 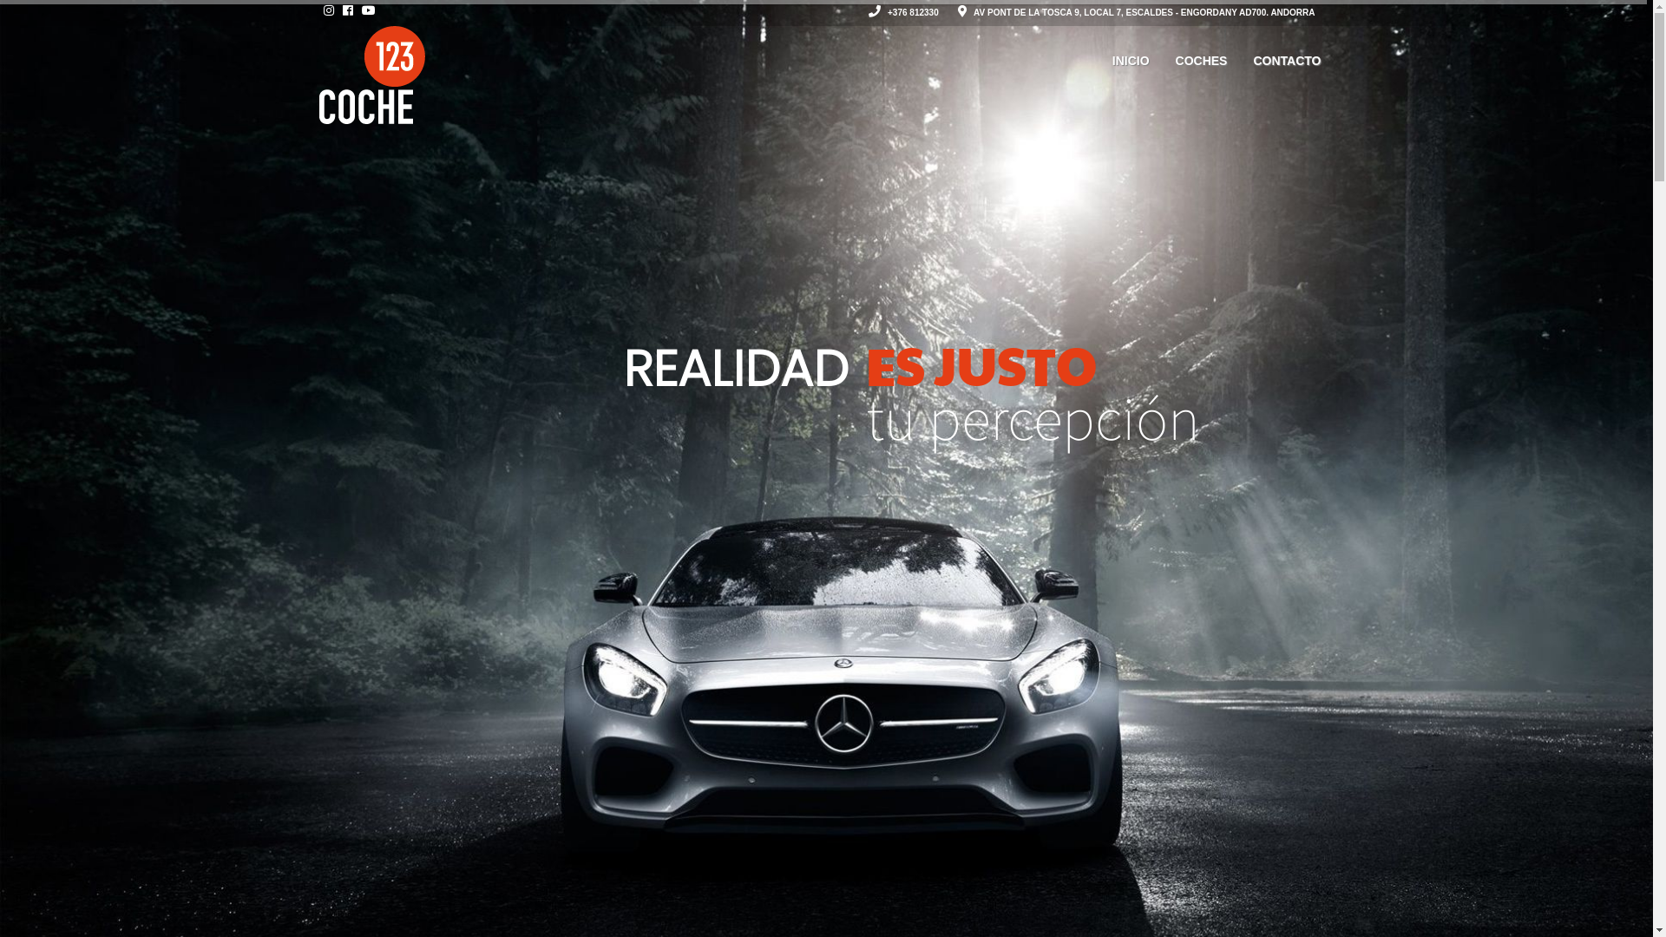 What do you see at coordinates (1131, 60) in the screenshot?
I see `'INICIO'` at bounding box center [1131, 60].